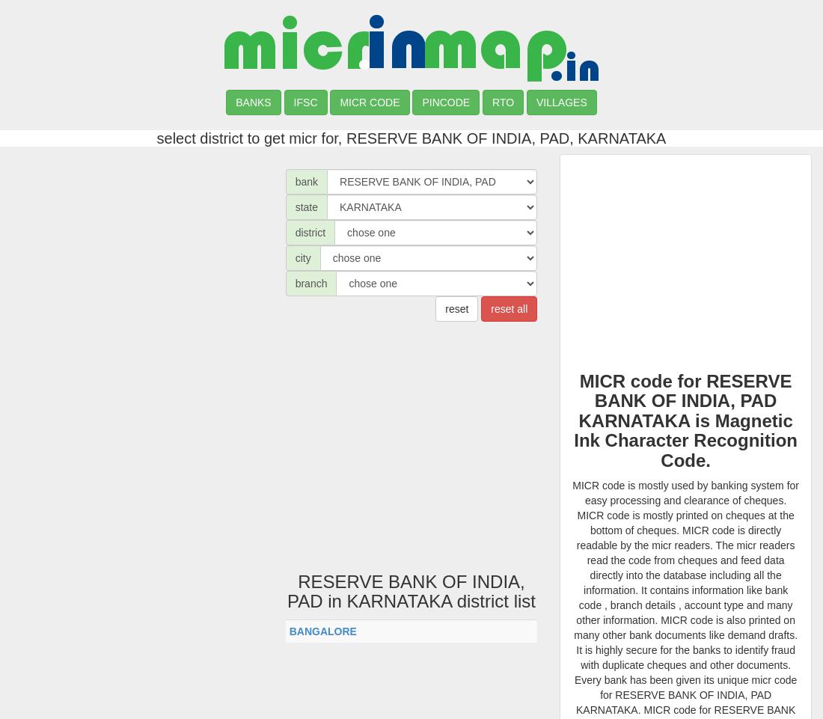 The height and width of the screenshot is (719, 823). I want to click on 'PINCODE', so click(444, 102).